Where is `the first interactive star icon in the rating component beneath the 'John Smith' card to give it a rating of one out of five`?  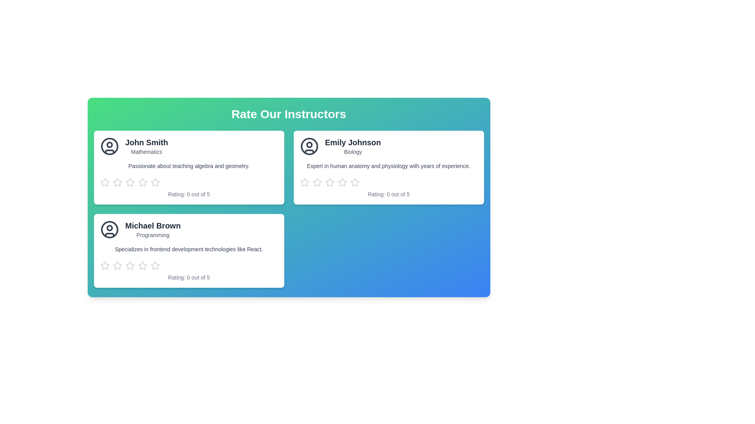 the first interactive star icon in the rating component beneath the 'John Smith' card to give it a rating of one out of five is located at coordinates (104, 183).